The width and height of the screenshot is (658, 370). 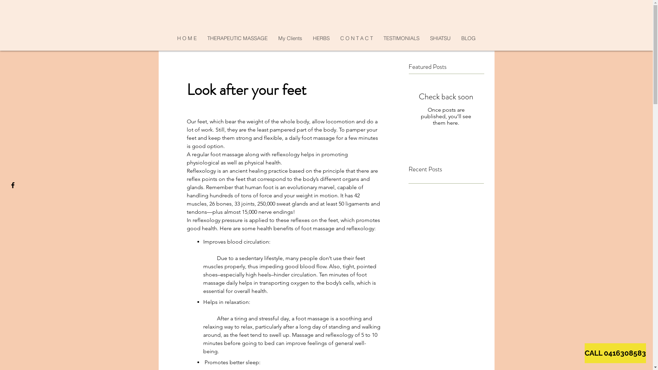 I want to click on 'TESTIMONIALS', so click(x=401, y=38).